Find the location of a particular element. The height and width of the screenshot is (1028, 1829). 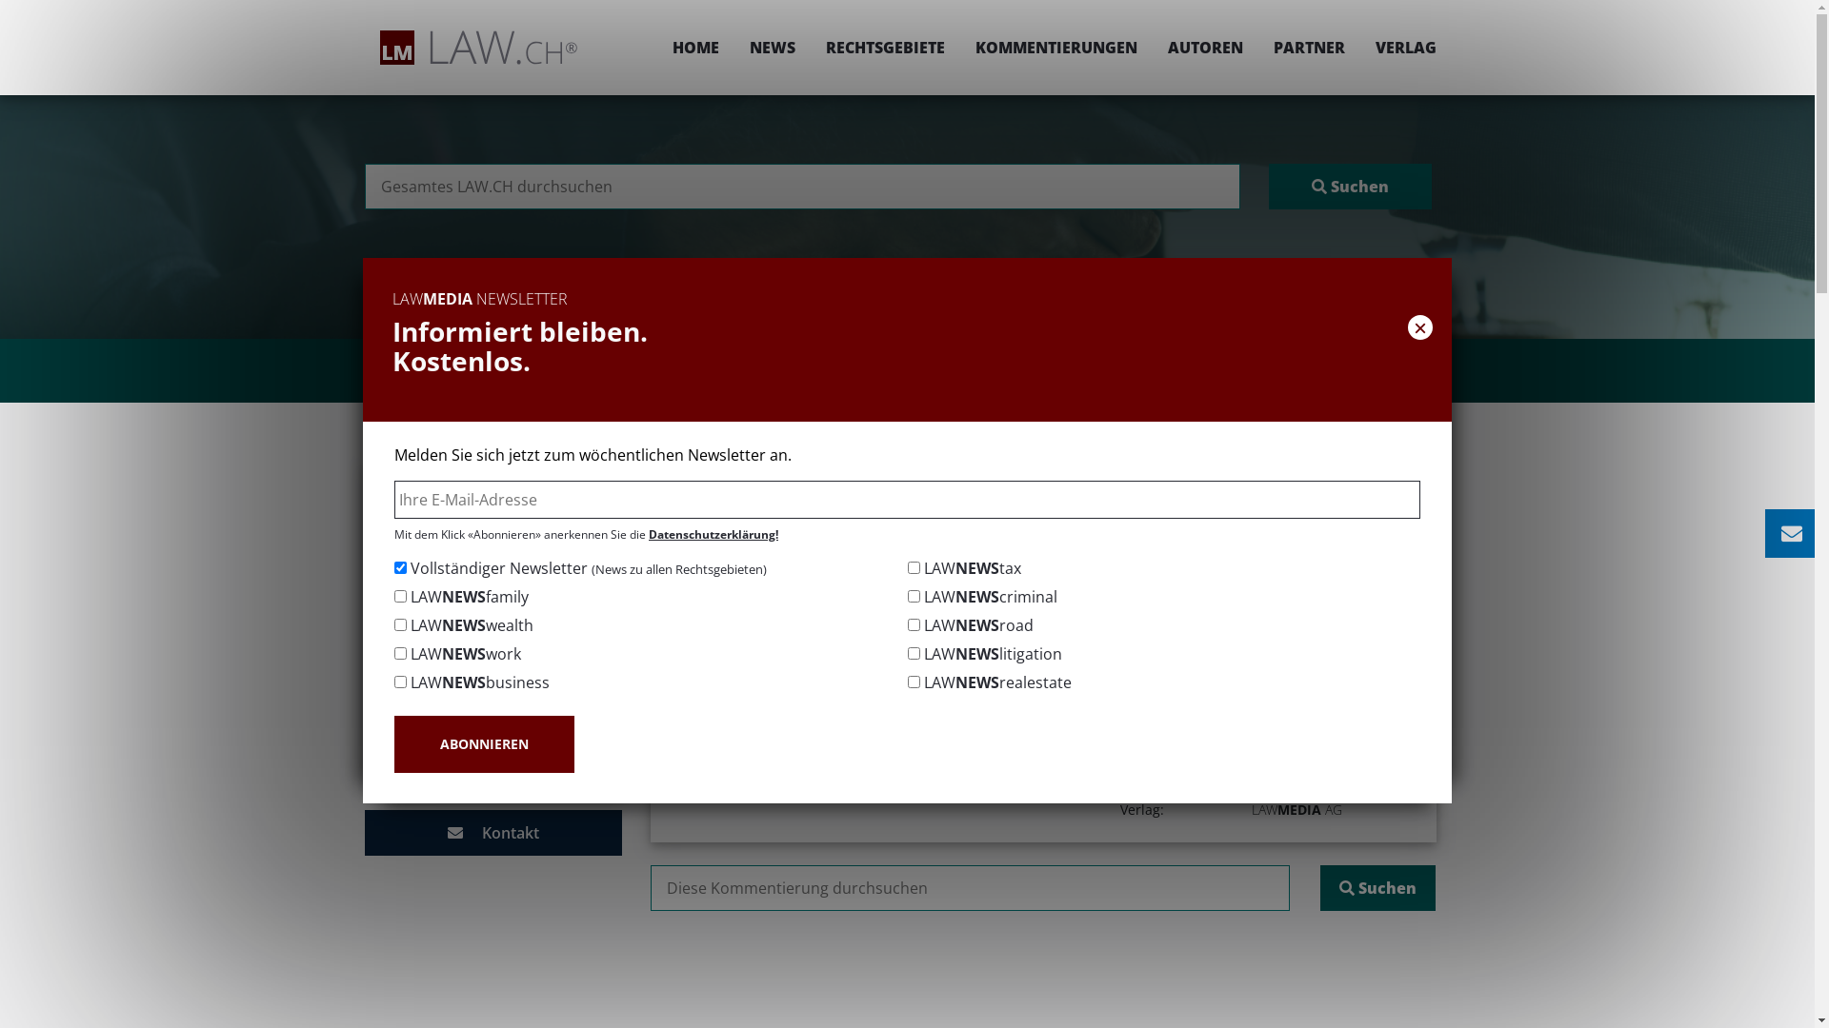

'HOME' is located at coordinates (657, 47).